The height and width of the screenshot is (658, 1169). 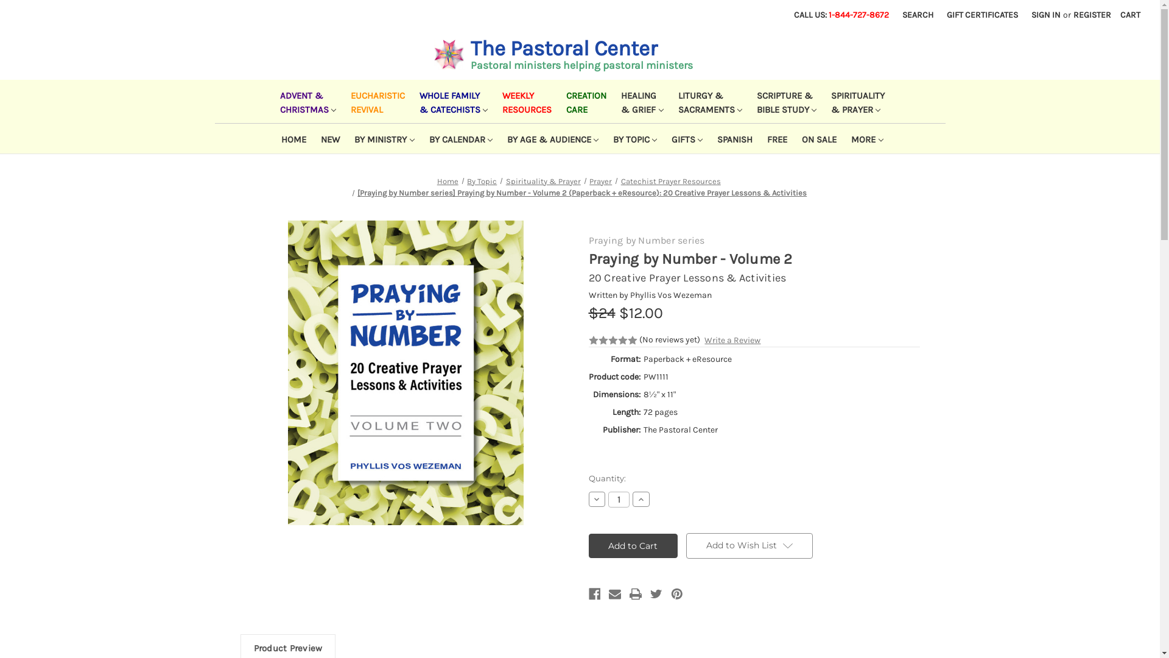 What do you see at coordinates (594, 593) in the screenshot?
I see `'Facebook'` at bounding box center [594, 593].